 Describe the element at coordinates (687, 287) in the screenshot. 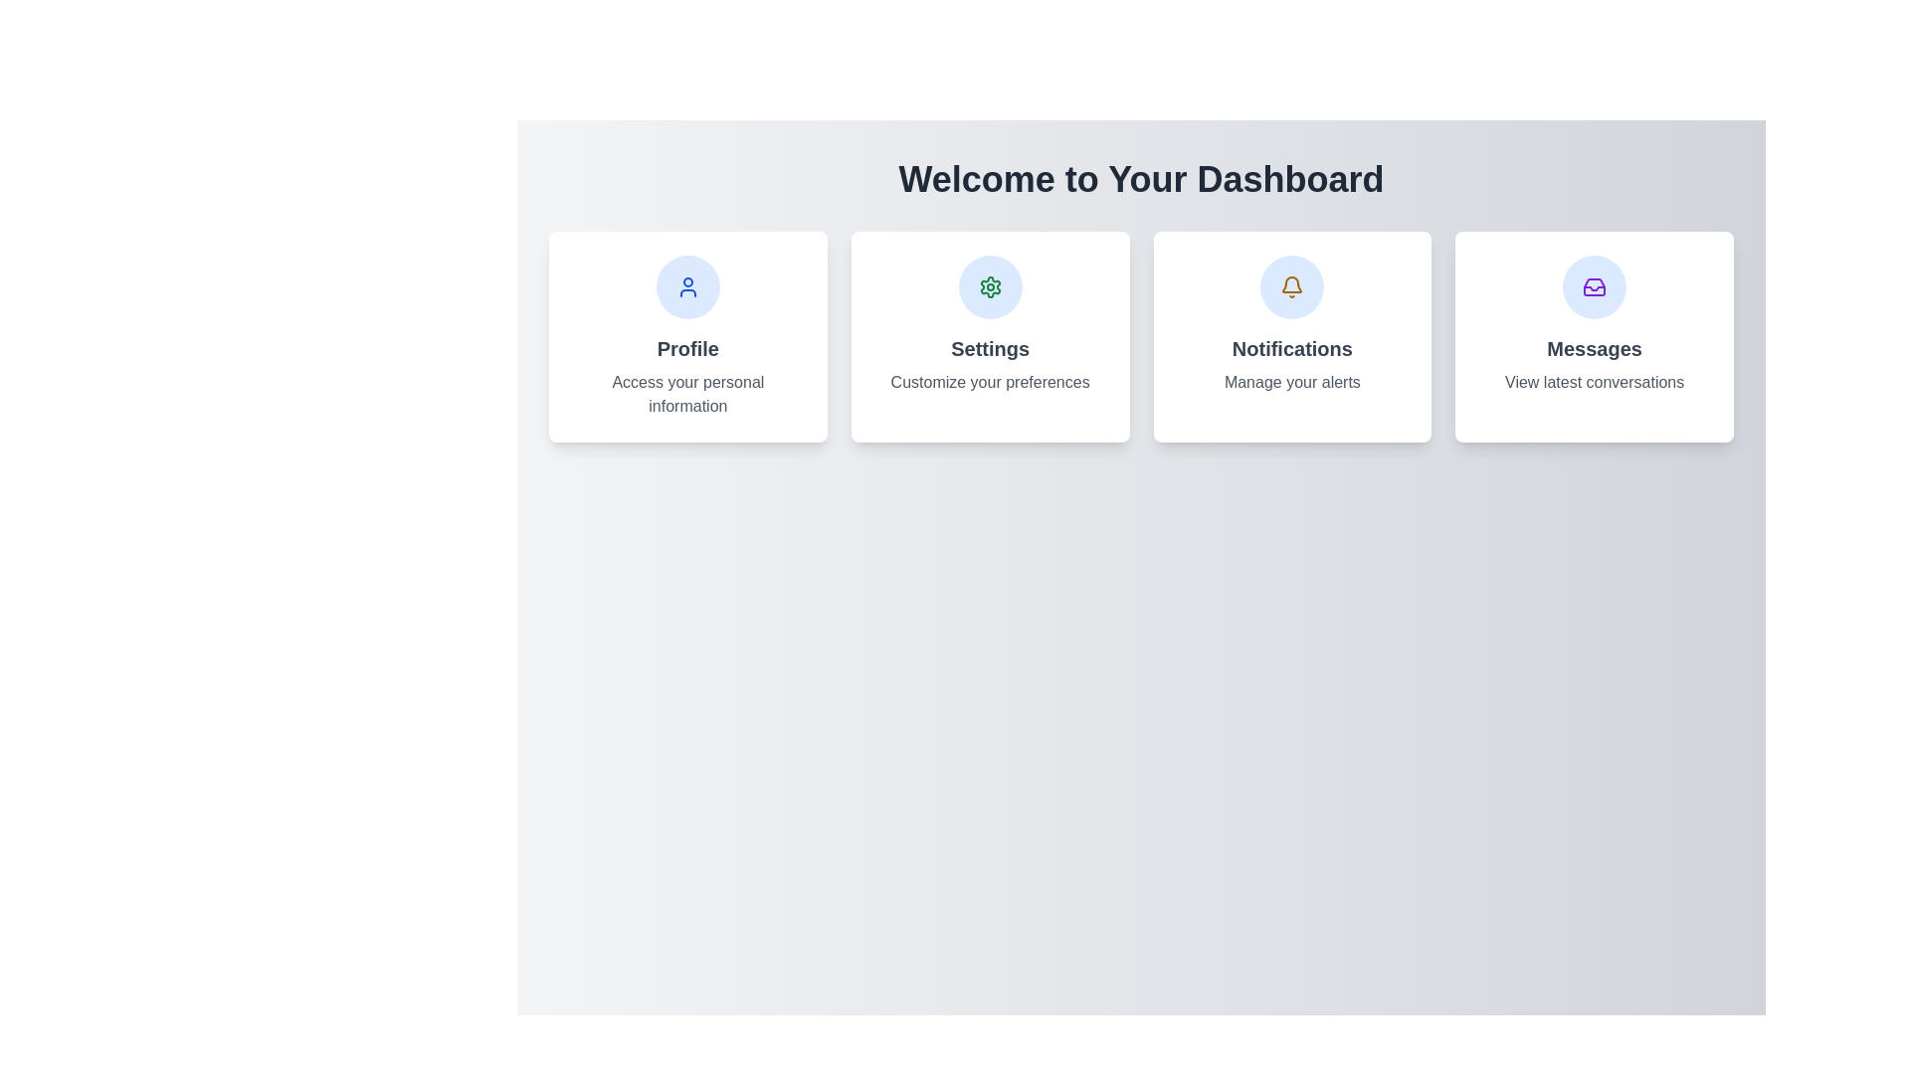

I see `the profile icon located at the center of the first card below the 'Welcome to Your Dashboard' heading to identify the associated feature` at that location.